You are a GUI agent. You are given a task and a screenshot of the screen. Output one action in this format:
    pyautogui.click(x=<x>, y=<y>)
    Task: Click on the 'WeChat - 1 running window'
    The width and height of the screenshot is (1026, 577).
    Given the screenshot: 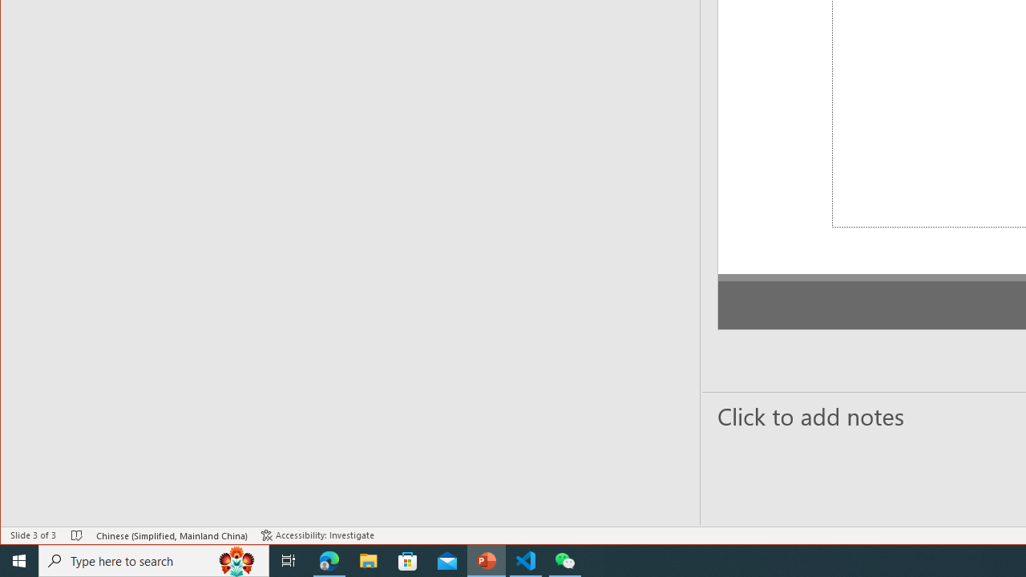 What is the action you would take?
    pyautogui.click(x=565, y=559)
    